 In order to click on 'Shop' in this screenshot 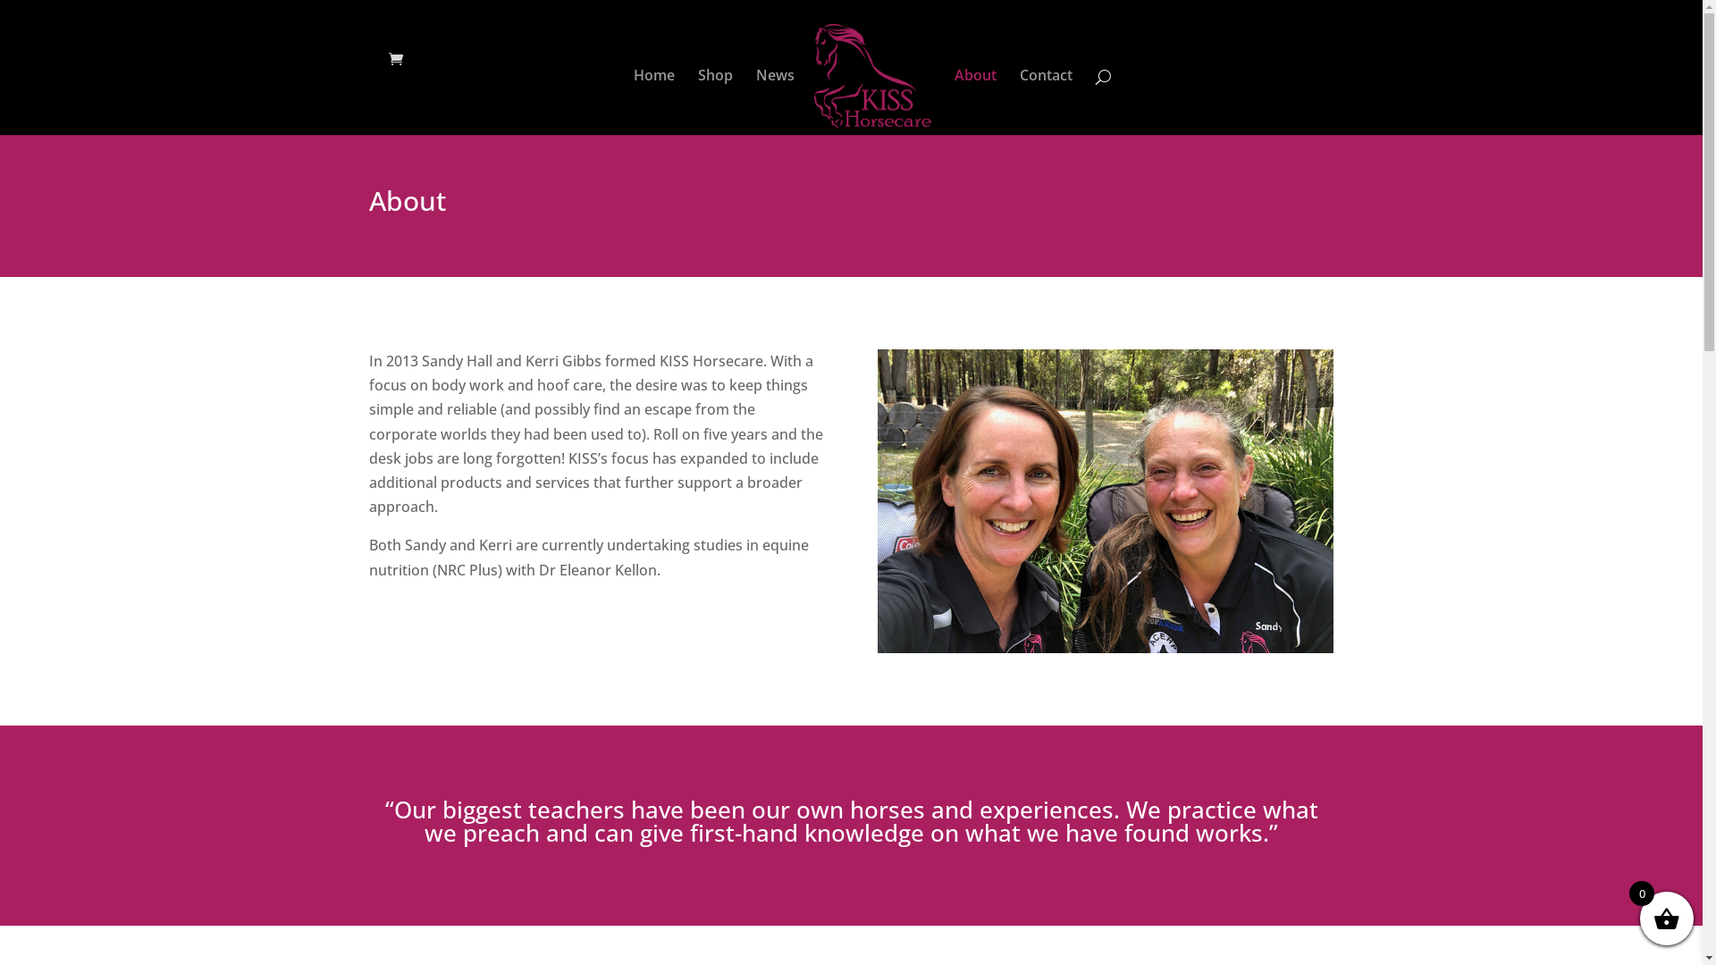, I will do `click(715, 102)`.